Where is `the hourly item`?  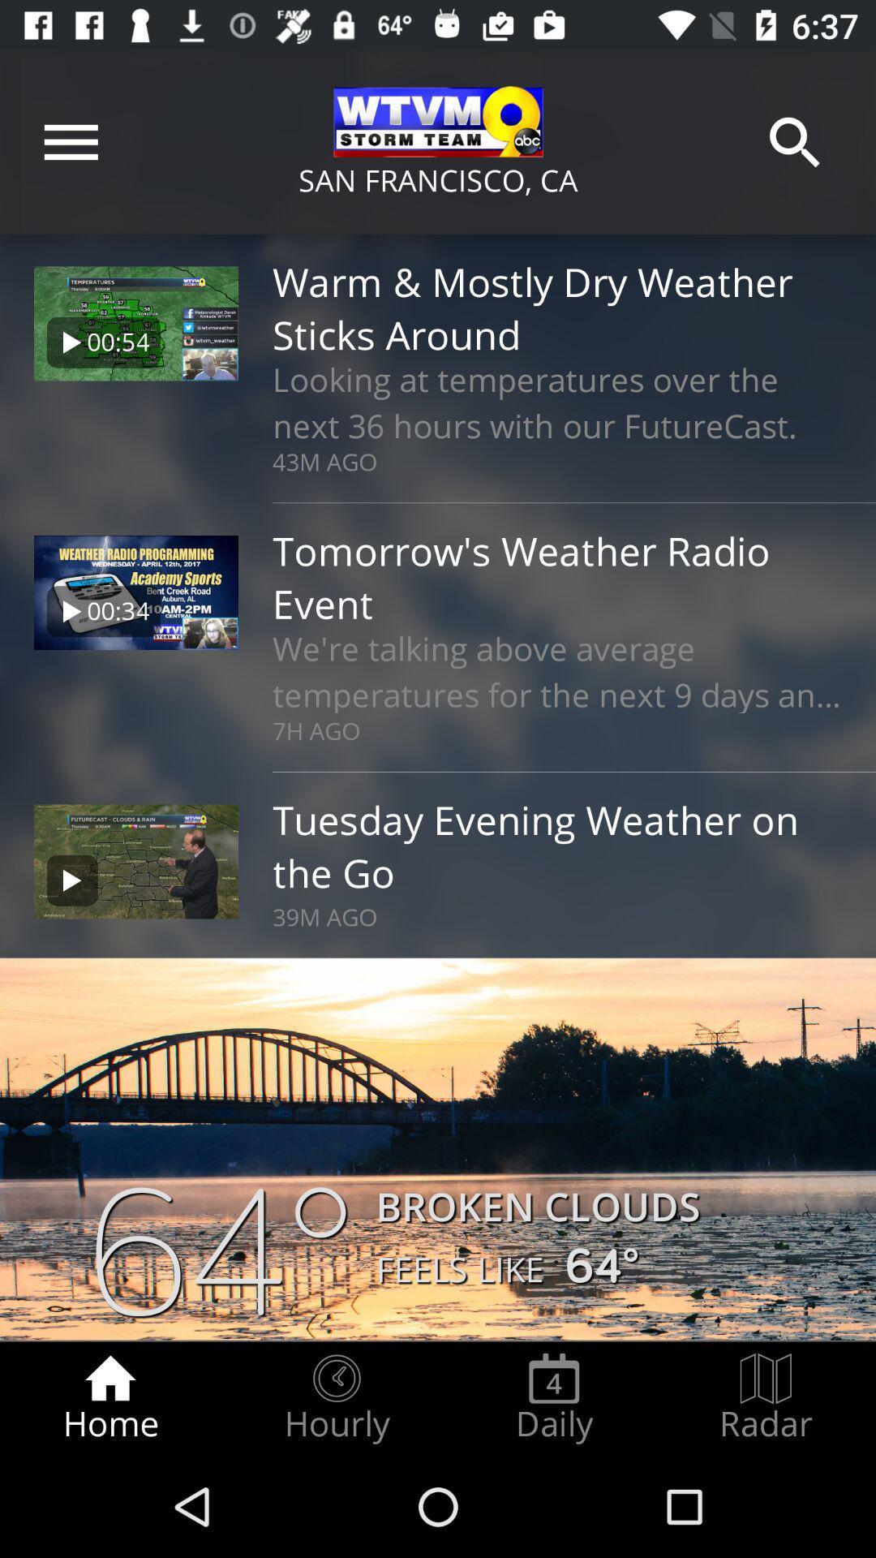
the hourly item is located at coordinates (336, 1397).